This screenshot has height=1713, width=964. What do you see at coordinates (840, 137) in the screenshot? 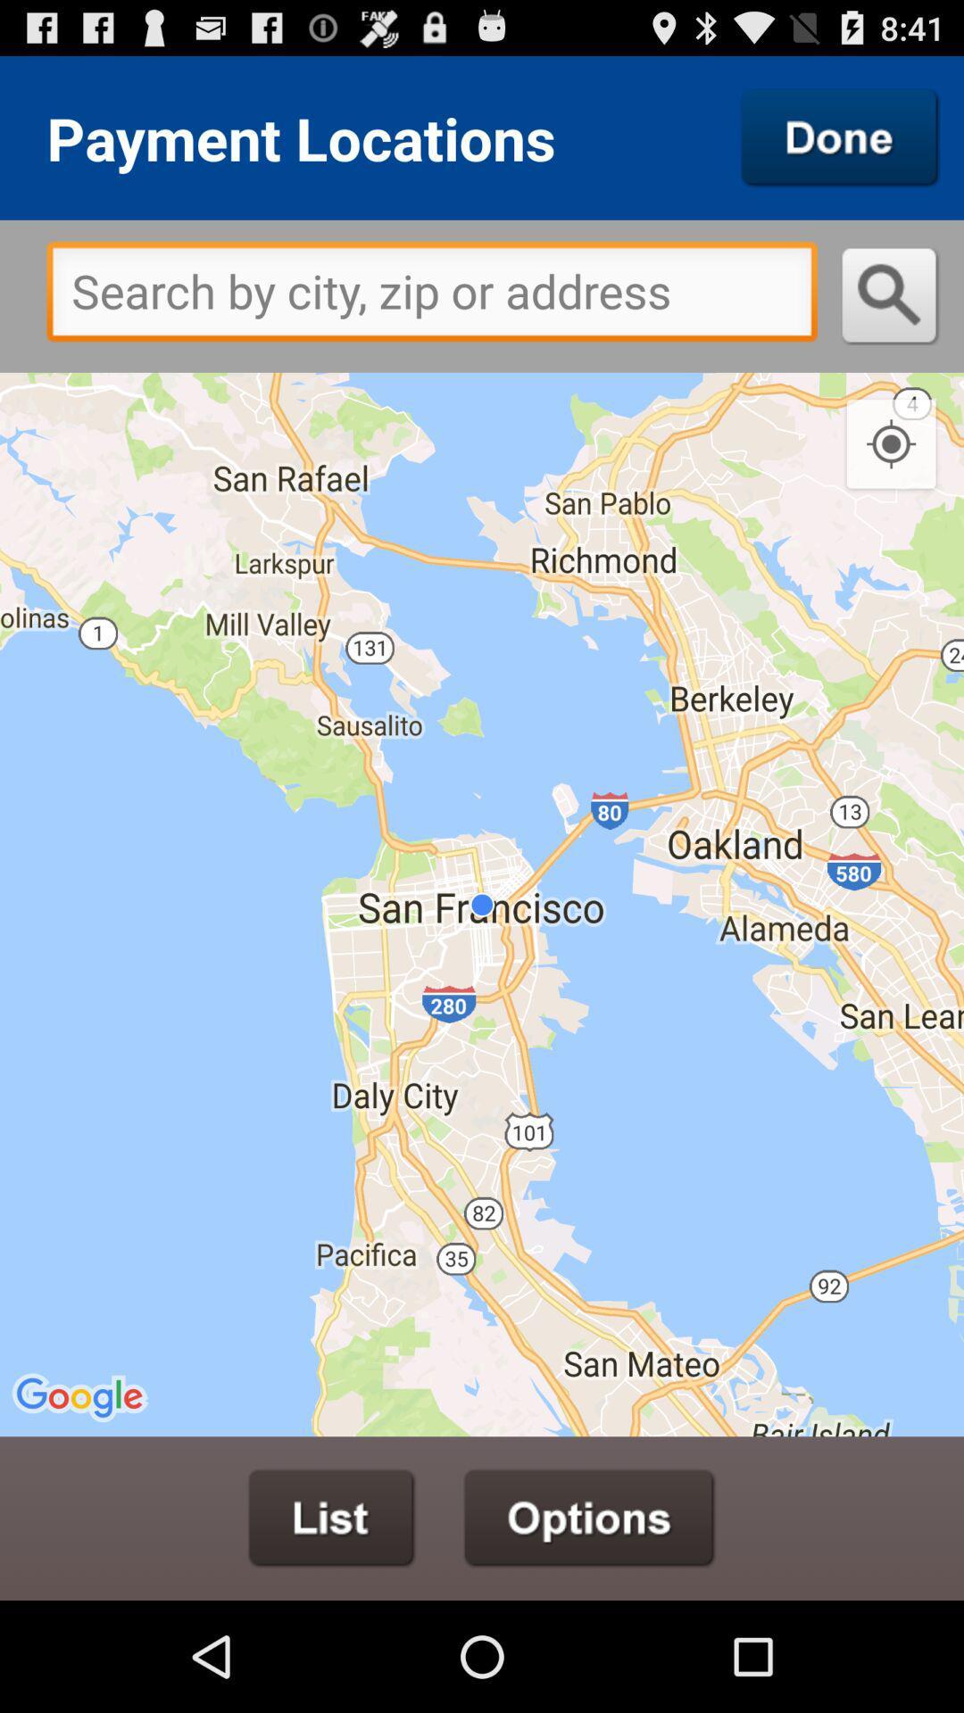
I see `done button for completion` at bounding box center [840, 137].